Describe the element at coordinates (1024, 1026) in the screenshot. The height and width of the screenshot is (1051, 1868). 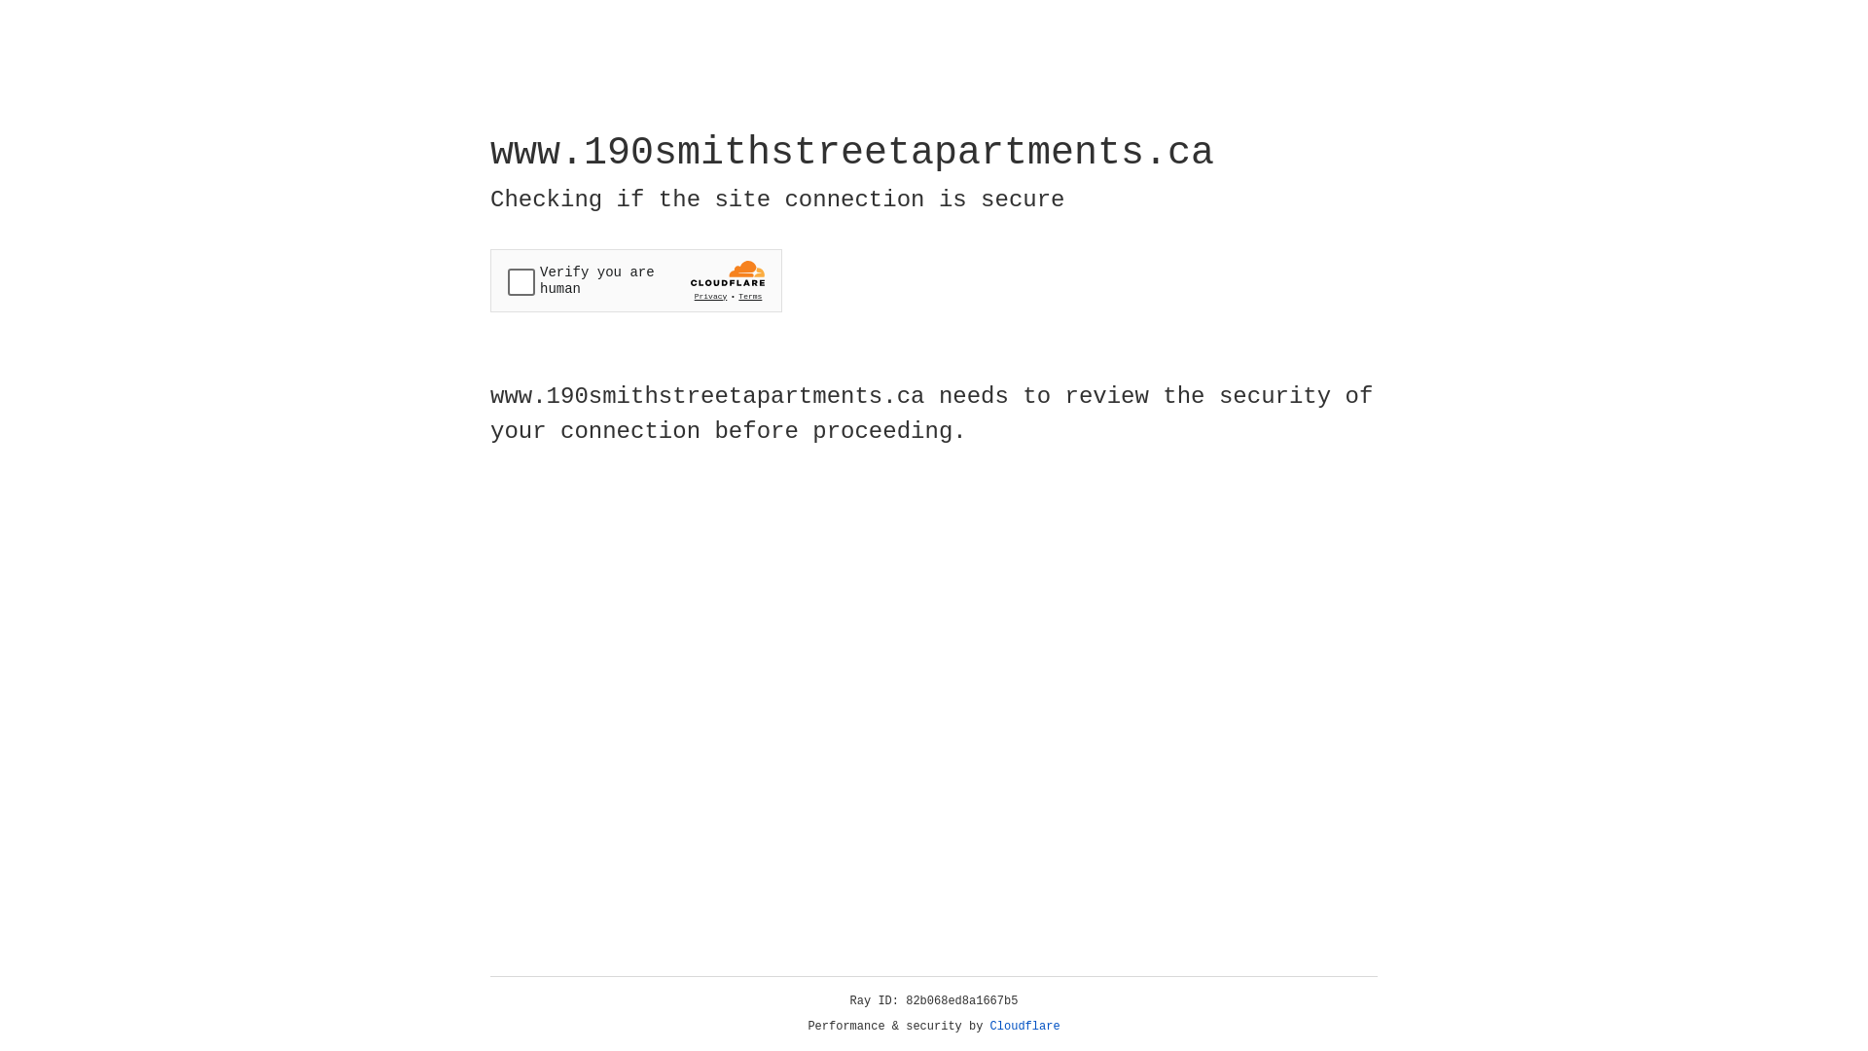
I see `'Cloudflare'` at that location.